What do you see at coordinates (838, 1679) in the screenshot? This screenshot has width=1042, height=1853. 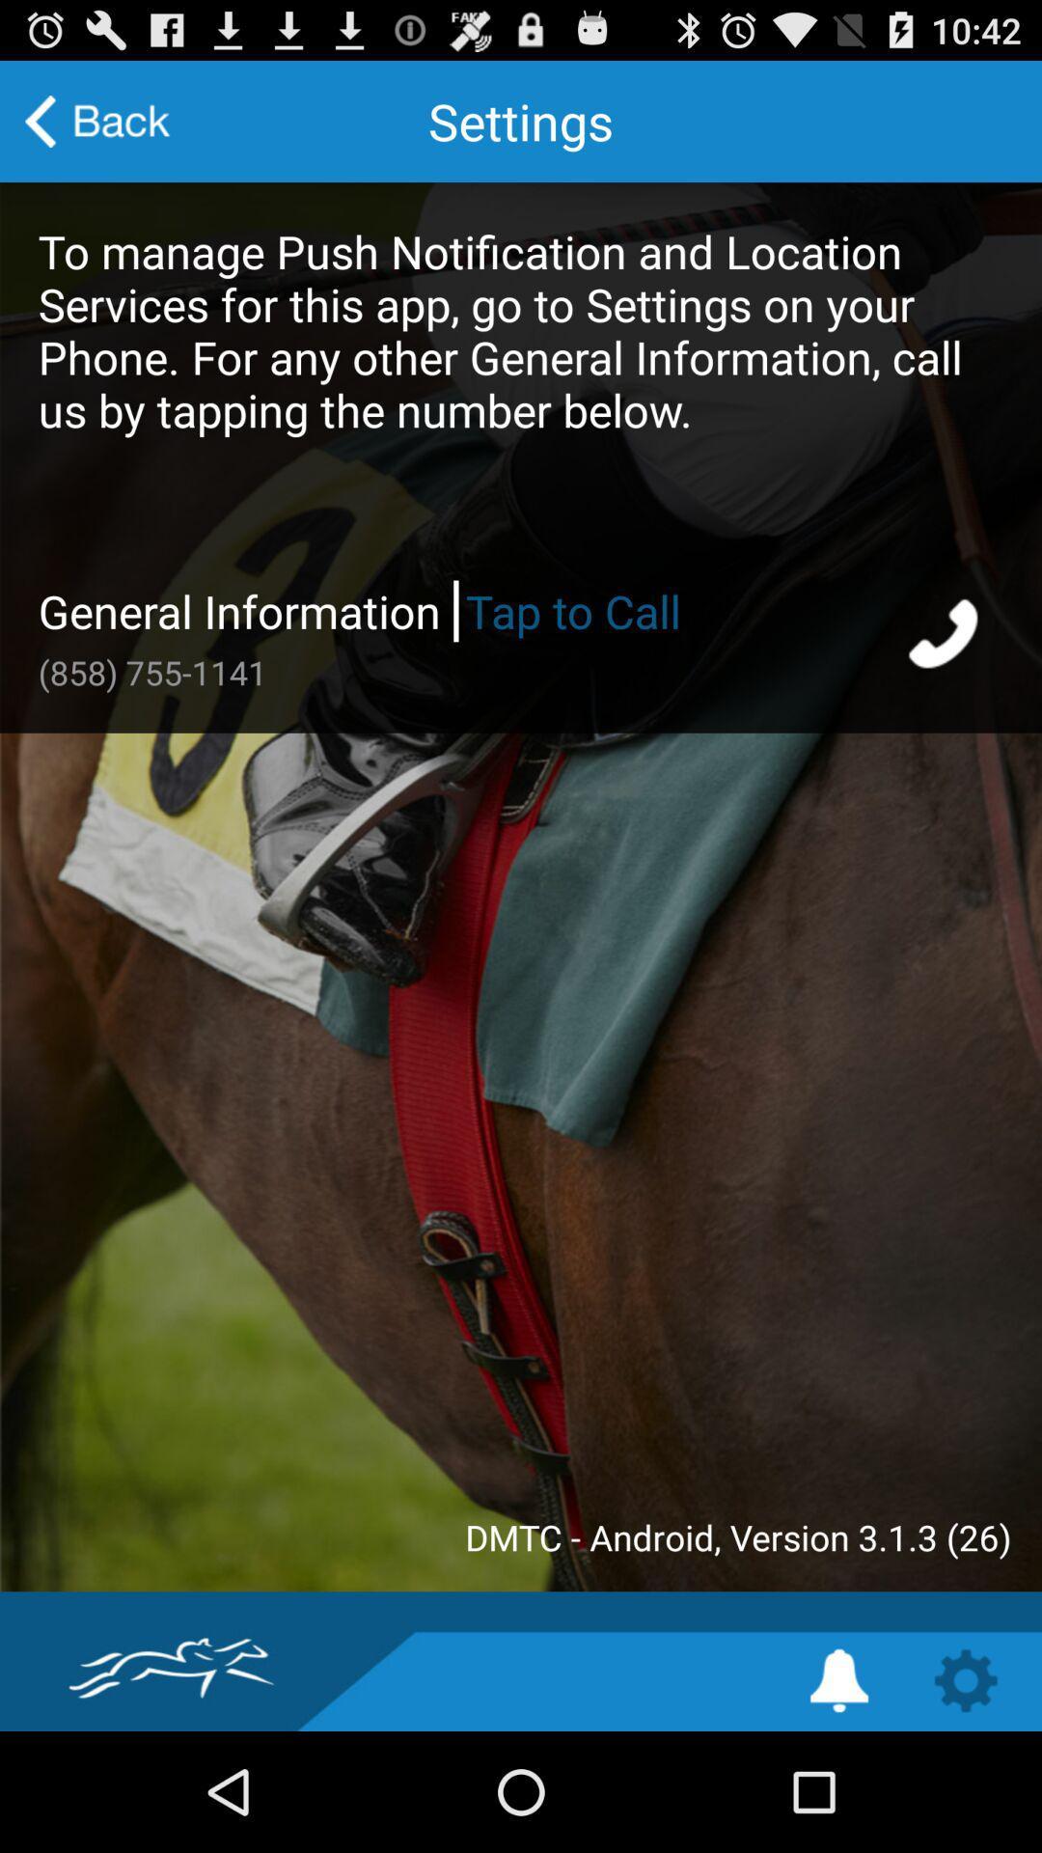 I see `get notifications` at bounding box center [838, 1679].